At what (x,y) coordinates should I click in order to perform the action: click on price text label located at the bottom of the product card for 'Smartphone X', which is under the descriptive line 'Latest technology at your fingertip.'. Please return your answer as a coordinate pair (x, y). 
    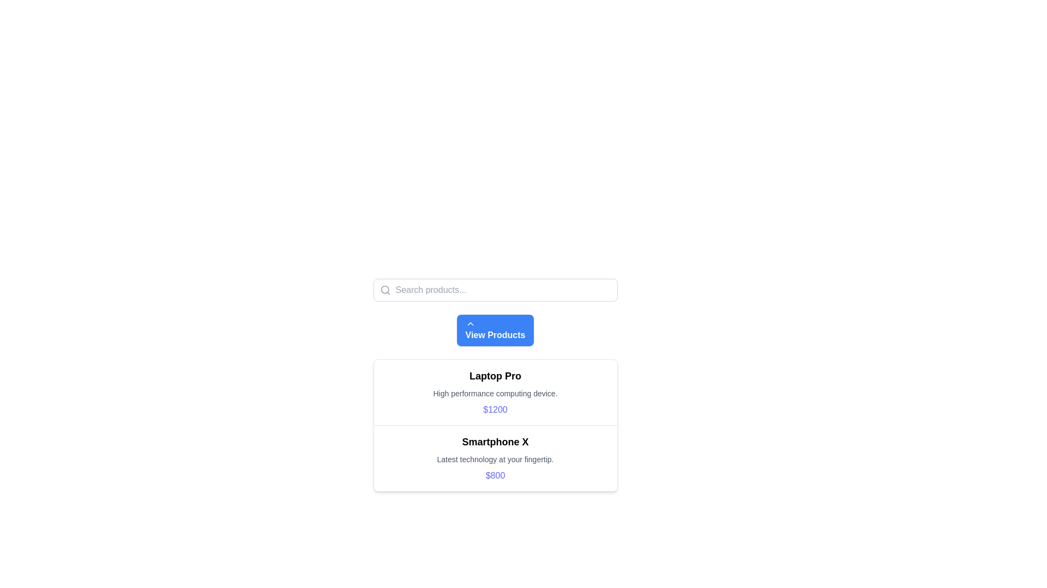
    Looking at the image, I should click on (495, 475).